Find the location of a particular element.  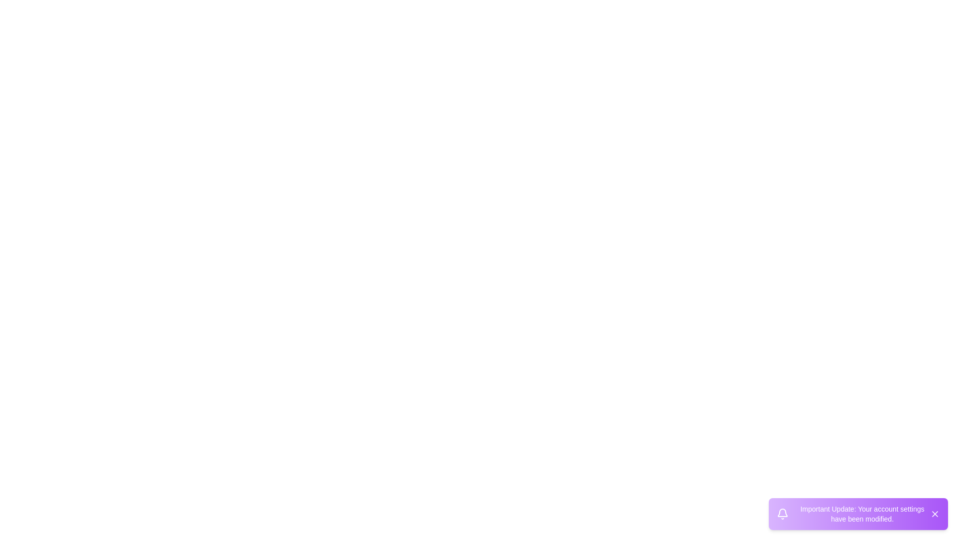

the notification icon to observe its representation is located at coordinates (782, 514).